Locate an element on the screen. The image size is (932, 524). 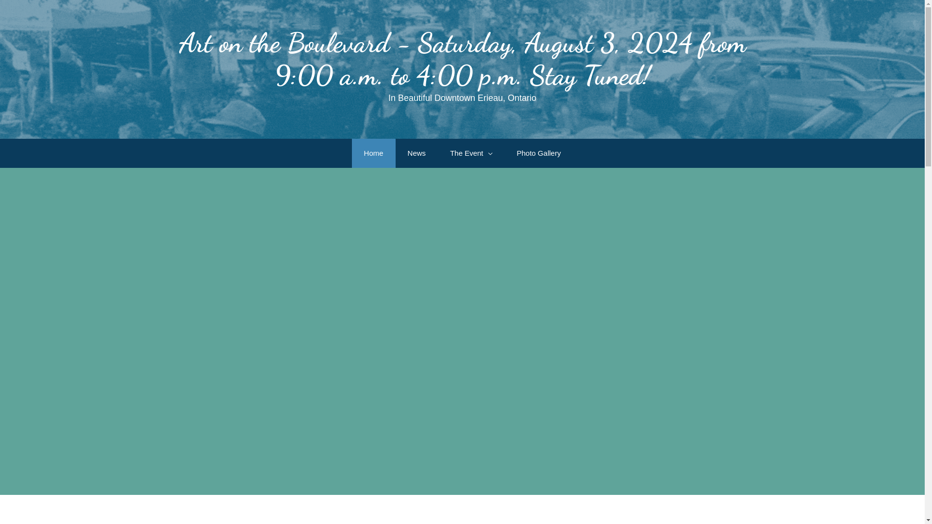
'Photo Gallery' is located at coordinates (538, 153).